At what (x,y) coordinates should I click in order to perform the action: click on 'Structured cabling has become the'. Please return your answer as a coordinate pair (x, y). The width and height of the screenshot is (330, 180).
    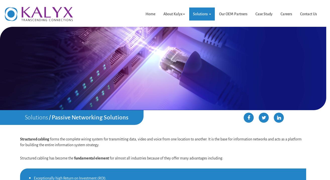
    Looking at the image, I should click on (47, 157).